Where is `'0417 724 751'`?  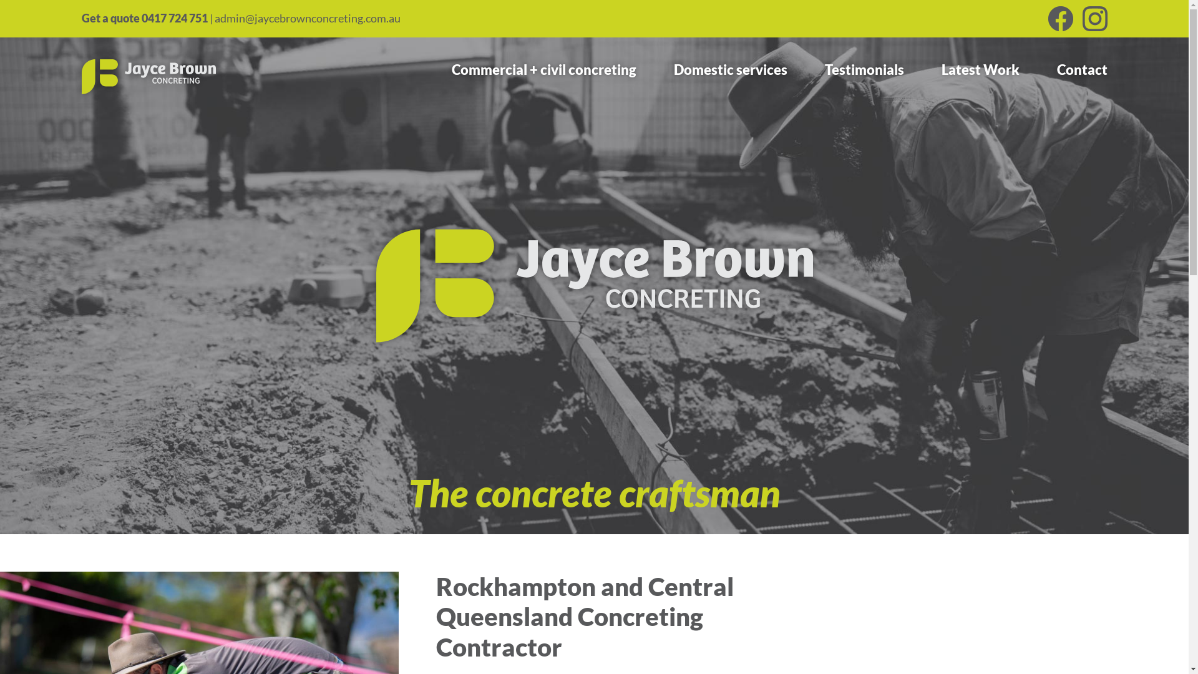
'0417 724 751' is located at coordinates (173, 18).